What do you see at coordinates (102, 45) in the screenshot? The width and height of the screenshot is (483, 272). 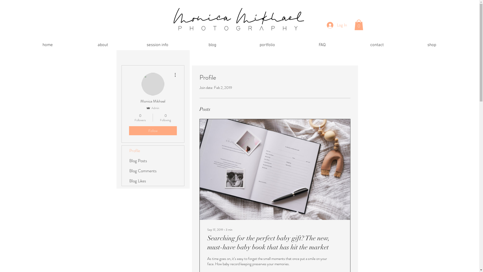 I see `'about'` at bounding box center [102, 45].